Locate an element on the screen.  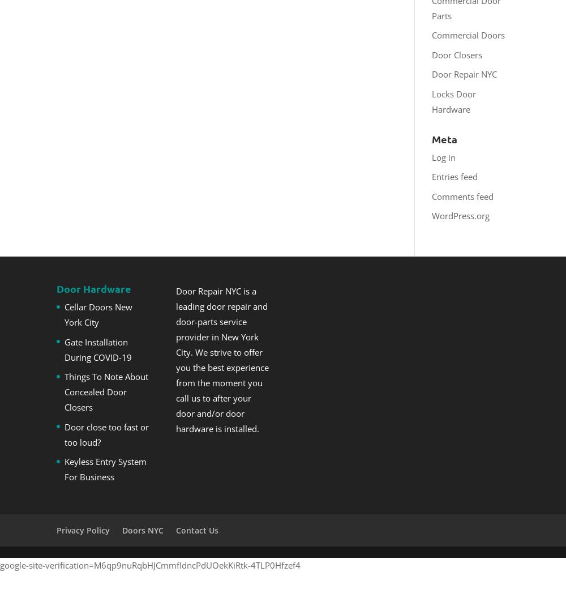
'Gate Installation During COVID-19' is located at coordinates (64, 348).